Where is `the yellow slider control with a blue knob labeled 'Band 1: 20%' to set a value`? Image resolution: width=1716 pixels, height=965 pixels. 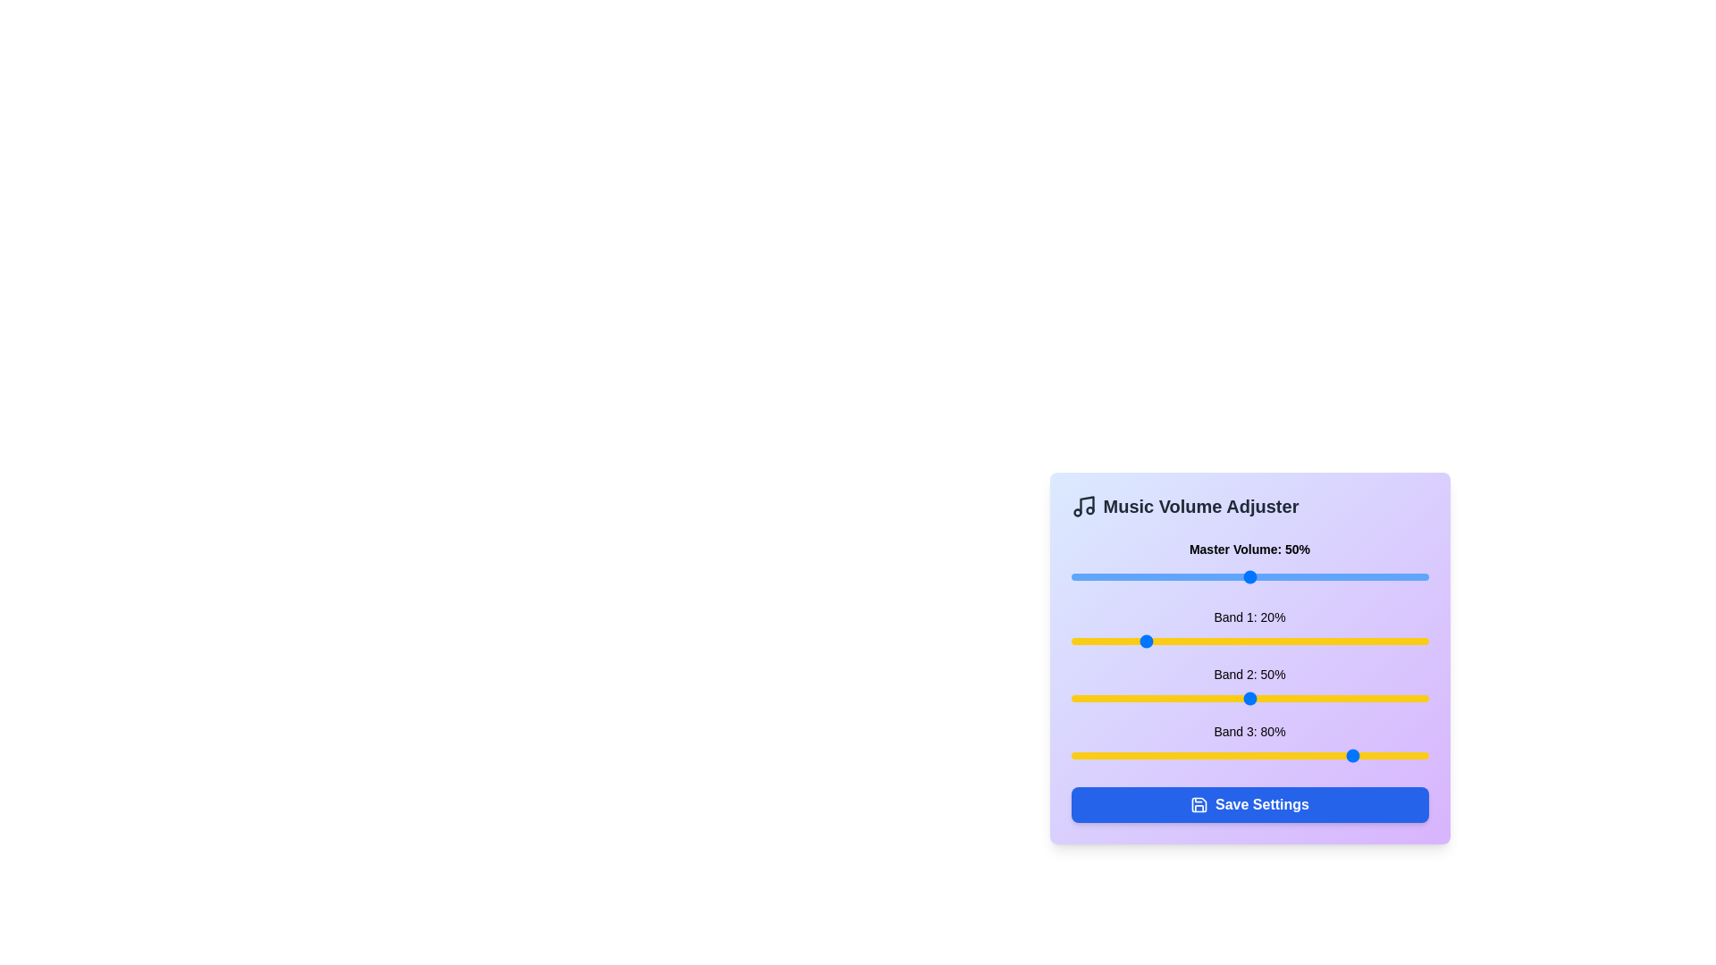
the yellow slider control with a blue knob labeled 'Band 1: 20%' to set a value is located at coordinates (1249, 629).